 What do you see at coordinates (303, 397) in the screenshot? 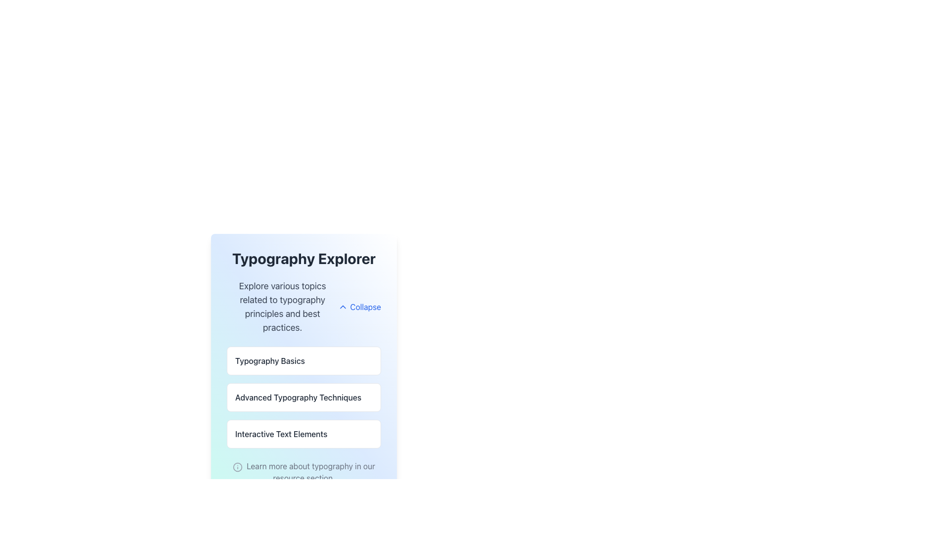
I see `the static text element that represents an advanced topic within the navigation menu, which is the second item in the vertical sequence` at bounding box center [303, 397].